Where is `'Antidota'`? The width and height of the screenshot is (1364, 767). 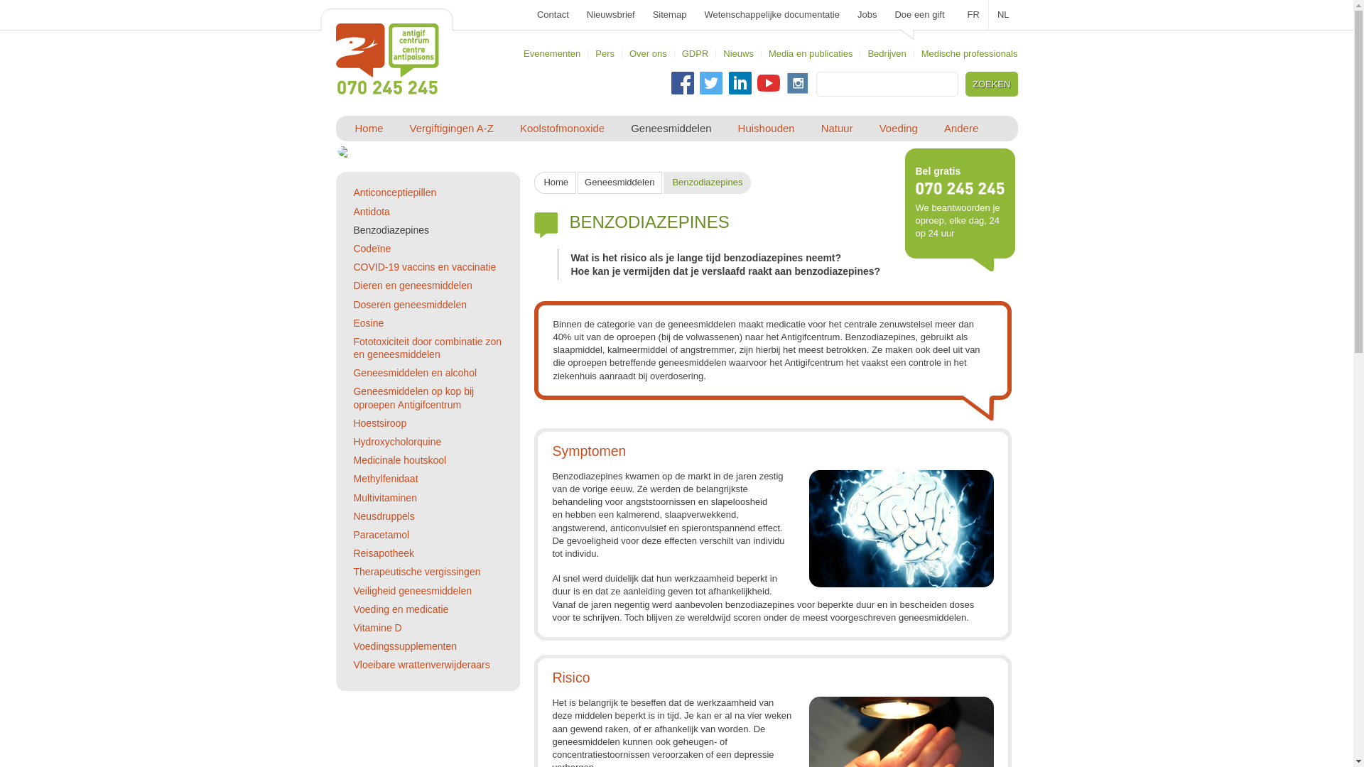
'Antidota' is located at coordinates (371, 211).